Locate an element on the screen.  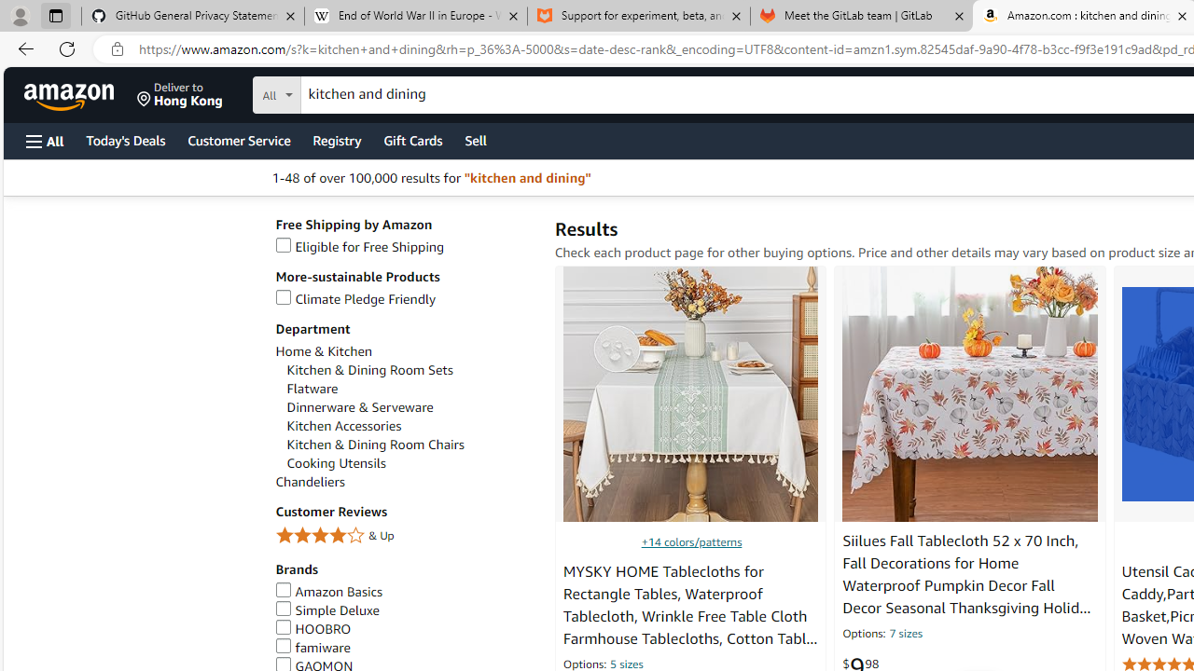
'Today' is located at coordinates (124, 139).